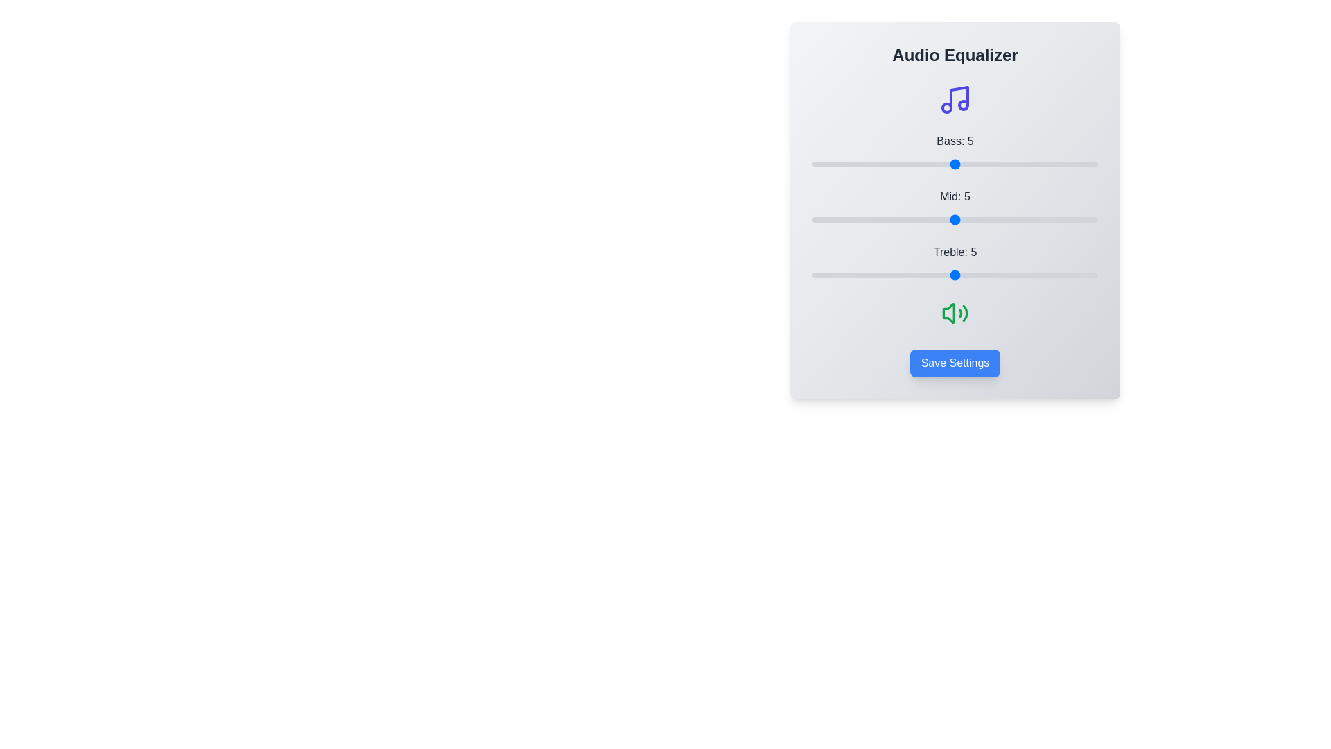  What do you see at coordinates (869, 218) in the screenshot?
I see `the Mid slider to set its value to 2` at bounding box center [869, 218].